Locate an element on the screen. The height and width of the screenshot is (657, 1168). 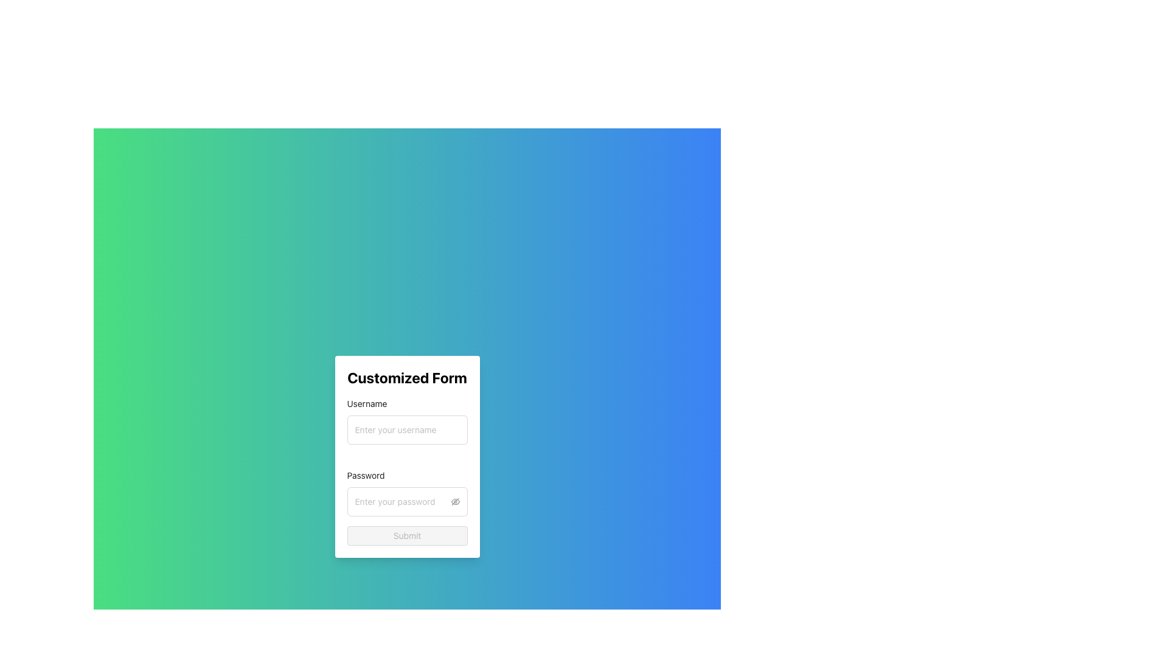
the password visibility toggle icon located on the right side of the password input field is located at coordinates (454, 501).